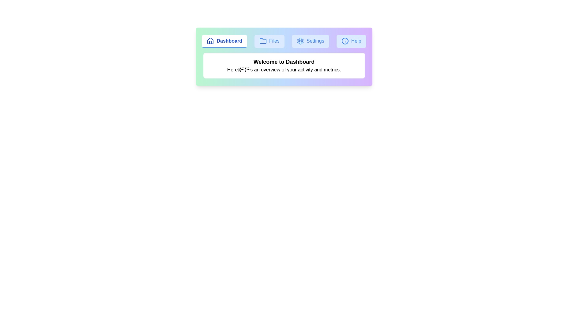 The width and height of the screenshot is (588, 331). Describe the element at coordinates (351, 41) in the screenshot. I see `the Help tab` at that location.